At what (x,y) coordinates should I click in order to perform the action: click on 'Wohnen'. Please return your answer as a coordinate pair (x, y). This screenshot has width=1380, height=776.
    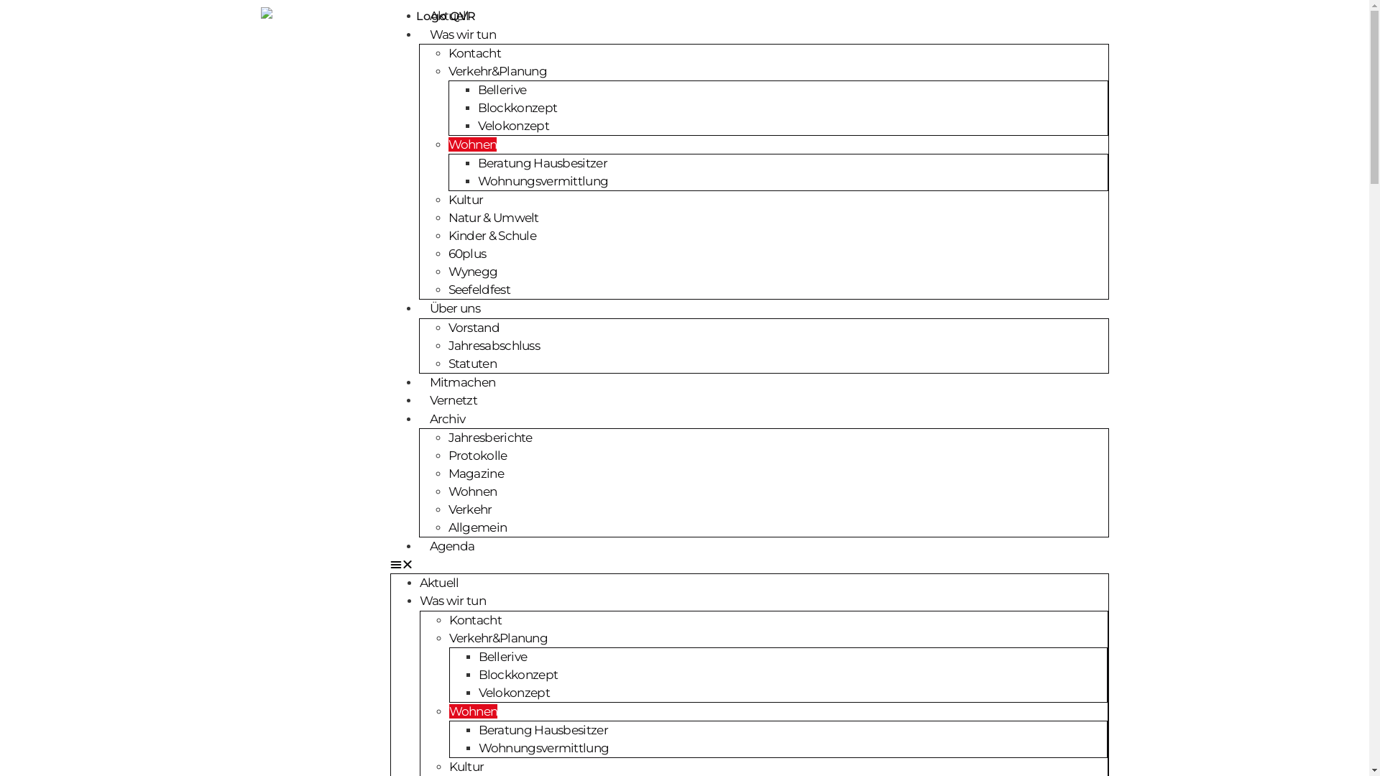
    Looking at the image, I should click on (448, 711).